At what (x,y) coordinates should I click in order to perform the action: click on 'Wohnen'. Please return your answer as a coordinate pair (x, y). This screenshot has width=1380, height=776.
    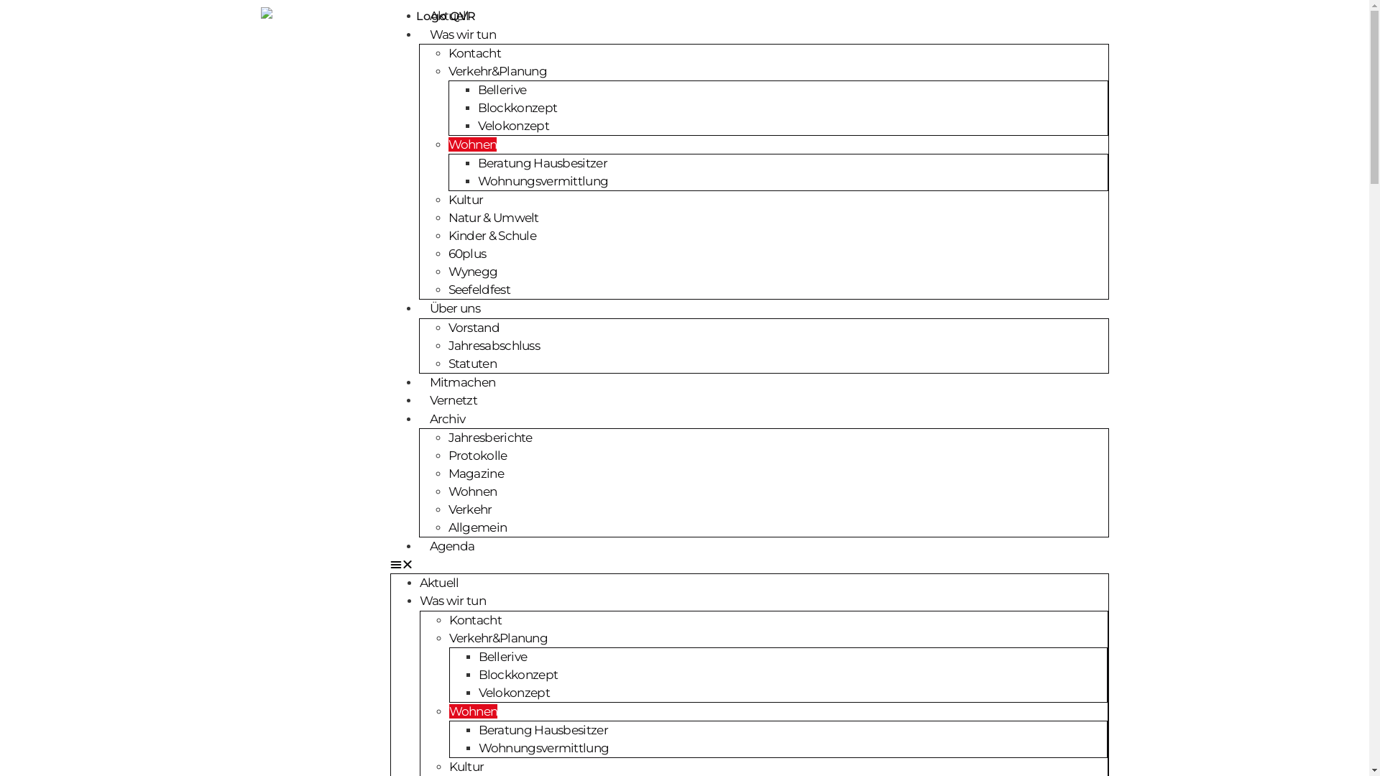
    Looking at the image, I should click on (448, 711).